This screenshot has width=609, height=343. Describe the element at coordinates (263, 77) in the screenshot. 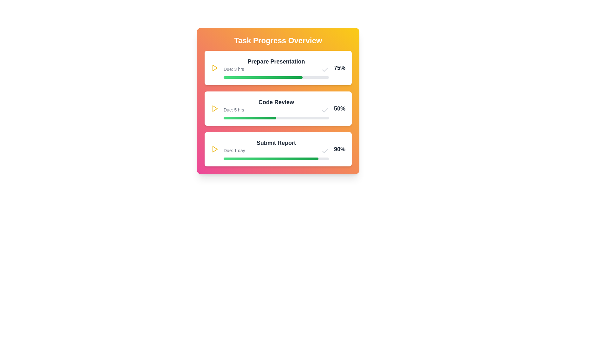

I see `progress bar that visually represents the completion progress of the task 'Prepare Presentation', located below the task title and to the left of the '75%' progress indicator` at that location.